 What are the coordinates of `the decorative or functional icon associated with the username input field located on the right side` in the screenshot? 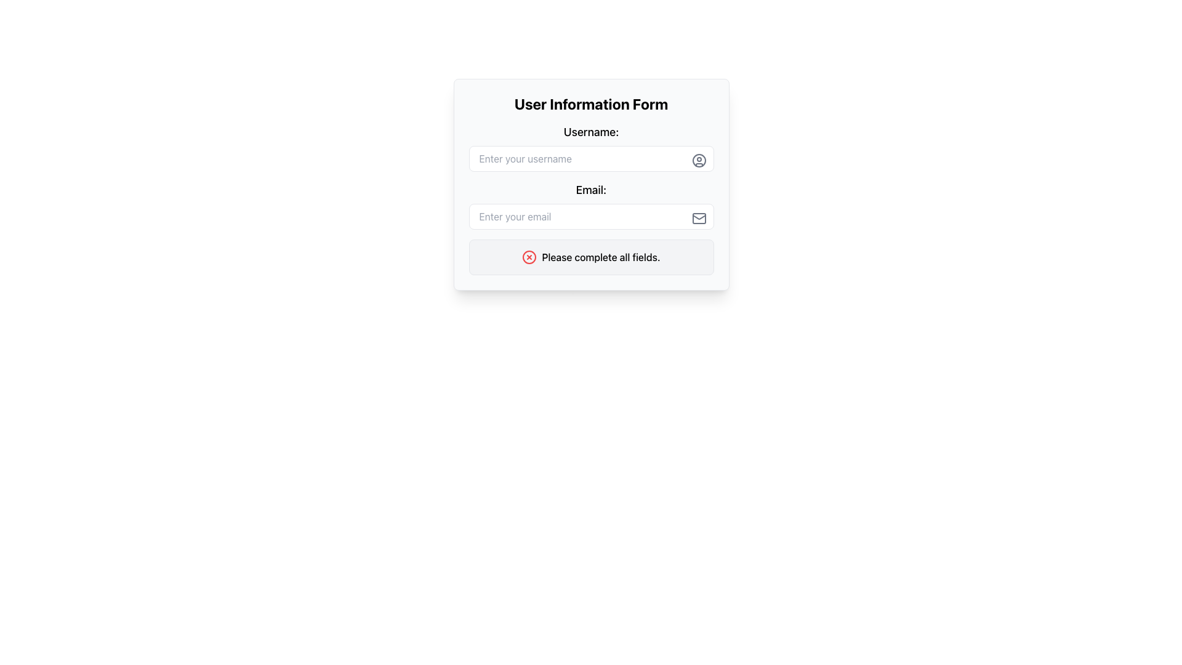 It's located at (699, 160).